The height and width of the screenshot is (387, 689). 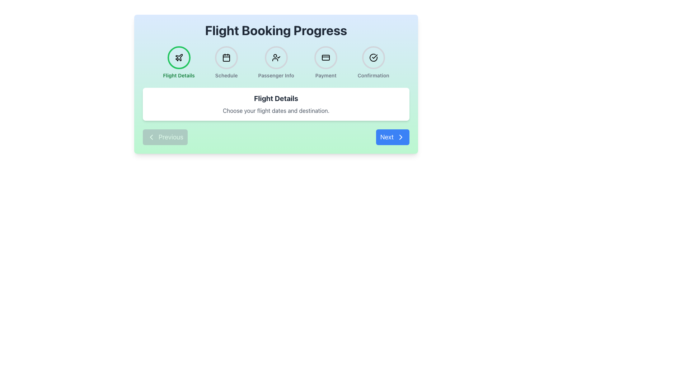 I want to click on text label that says 'Payment', which is styled in a small gray font and positioned below a credit card icon, so click(x=325, y=76).